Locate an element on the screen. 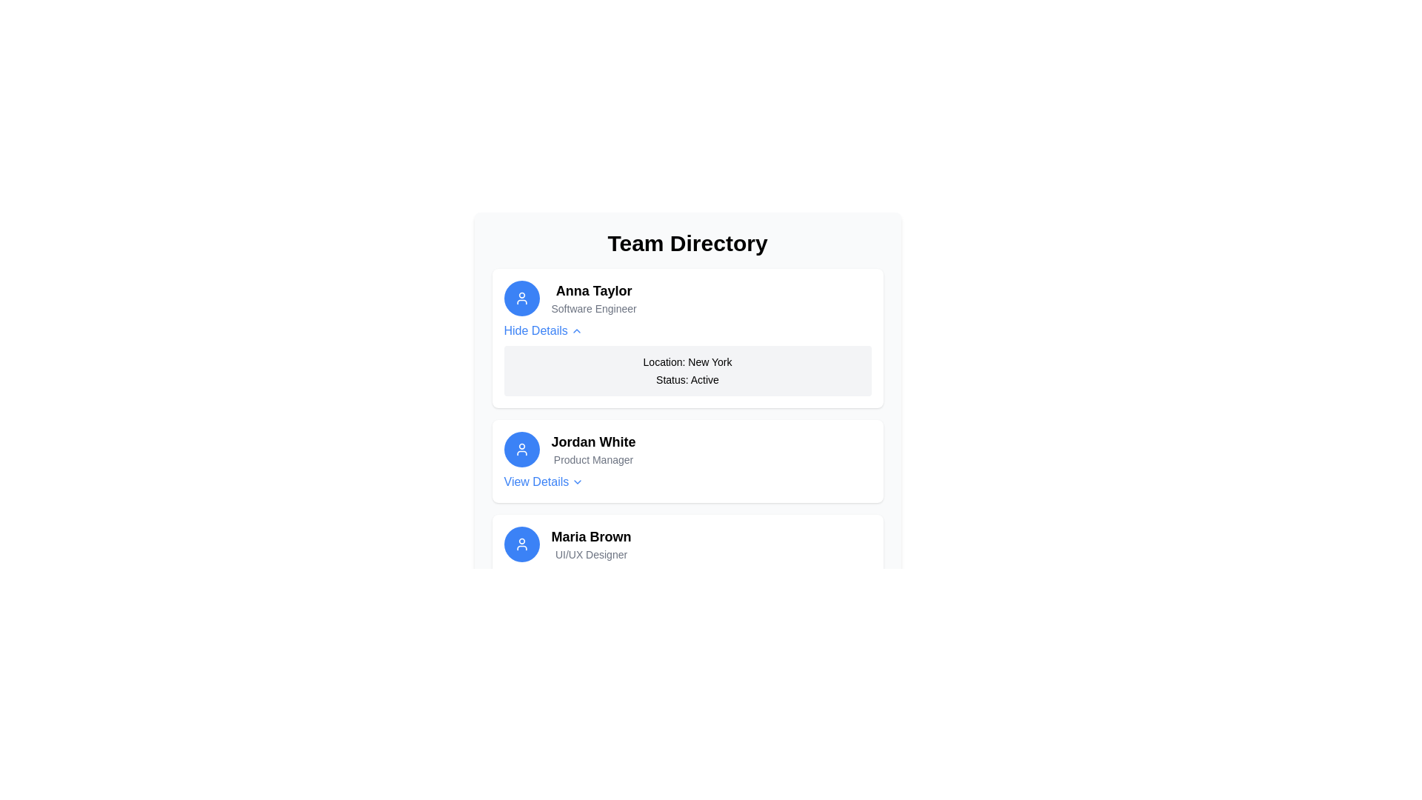 This screenshot has width=1422, height=800. the text label that reads 'Status: Active', which is styled in a small font with black text on a light gray background, located beneath the name and profession details of 'Anna Taylor' is located at coordinates (687, 379).